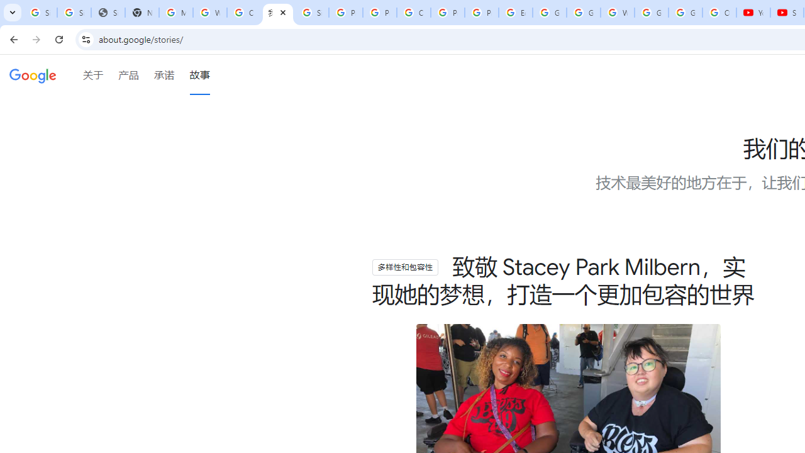 Image resolution: width=805 pixels, height=453 pixels. Describe the element at coordinates (753, 13) in the screenshot. I see `'YouTube'` at that location.